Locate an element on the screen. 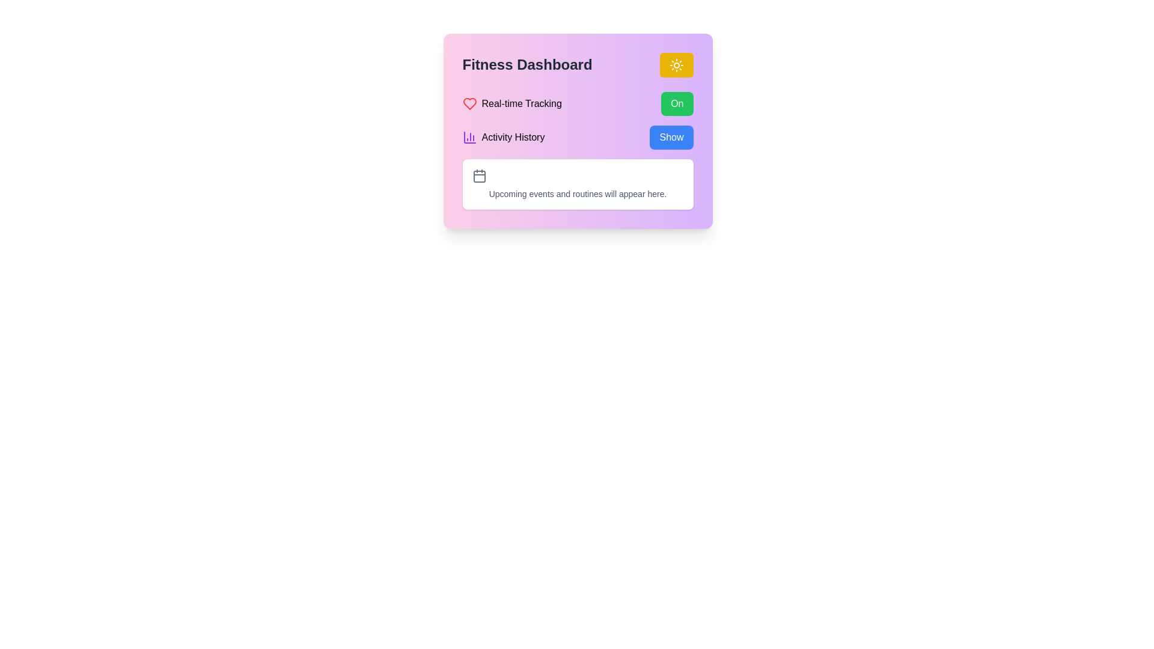 This screenshot has width=1154, height=649. the 'Activity History' text and icon combination for accessibility purposes is located at coordinates (503, 136).